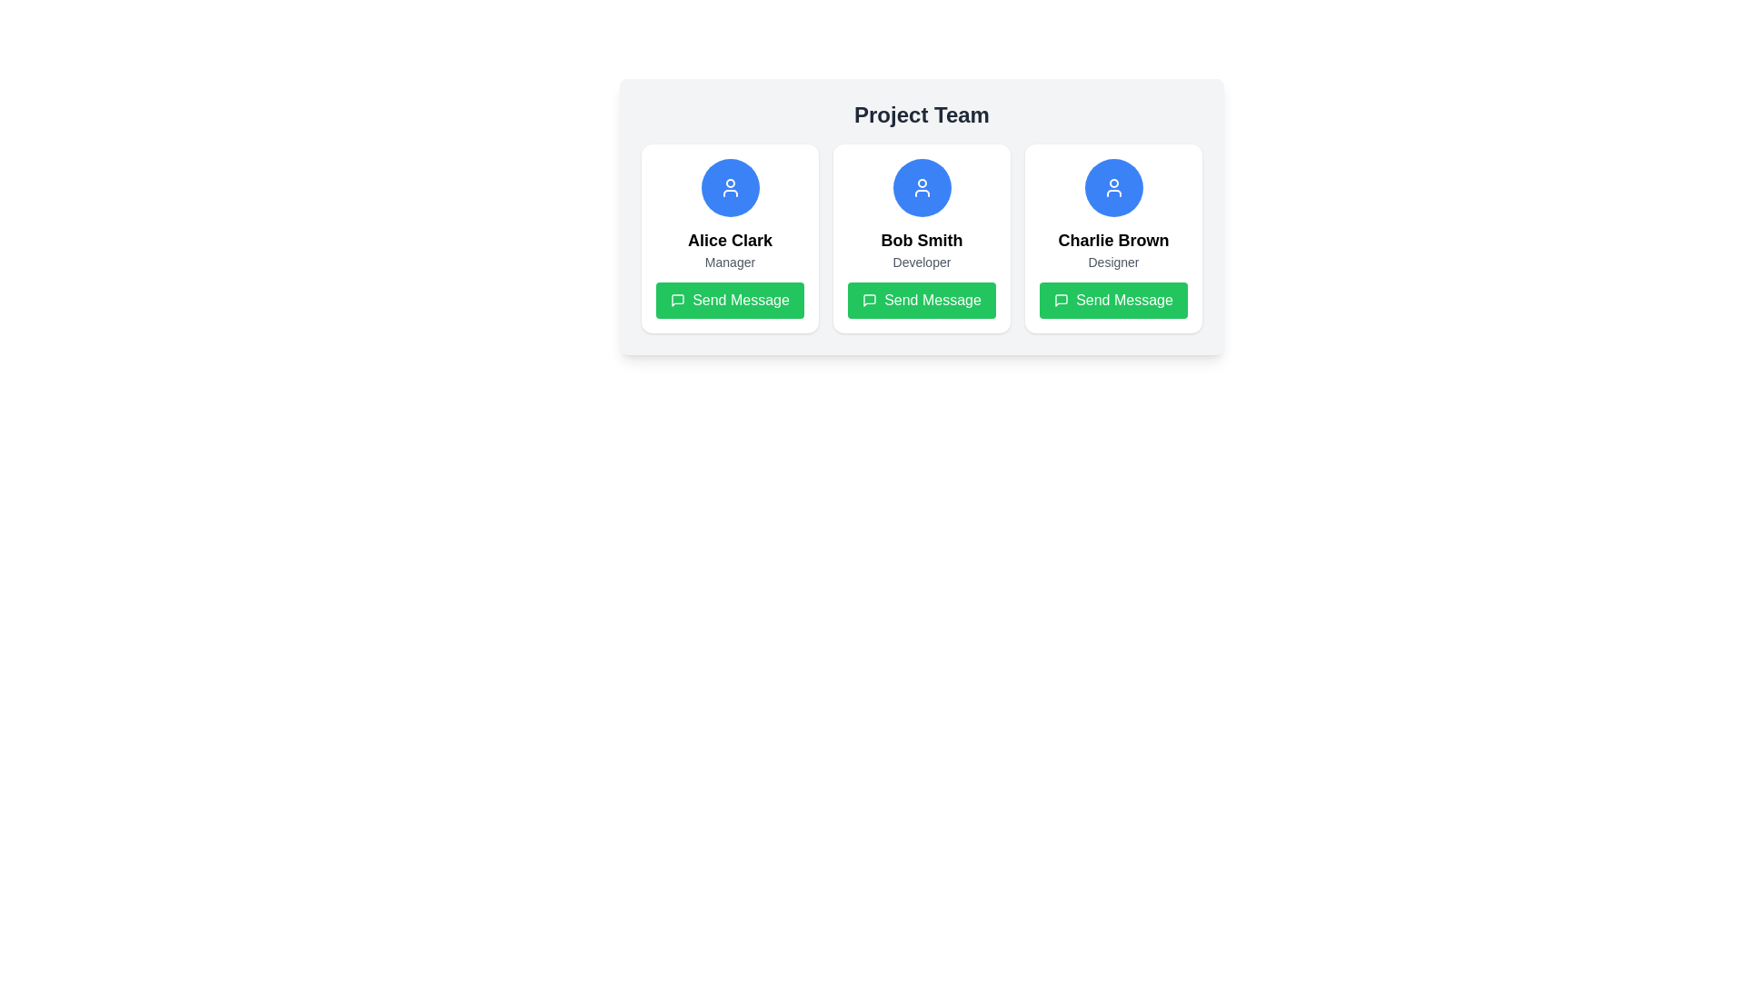 This screenshot has width=1745, height=981. What do you see at coordinates (730, 249) in the screenshot?
I see `the text label displaying 'Alice Clark' and 'Manager' to initiate additional interactions` at bounding box center [730, 249].